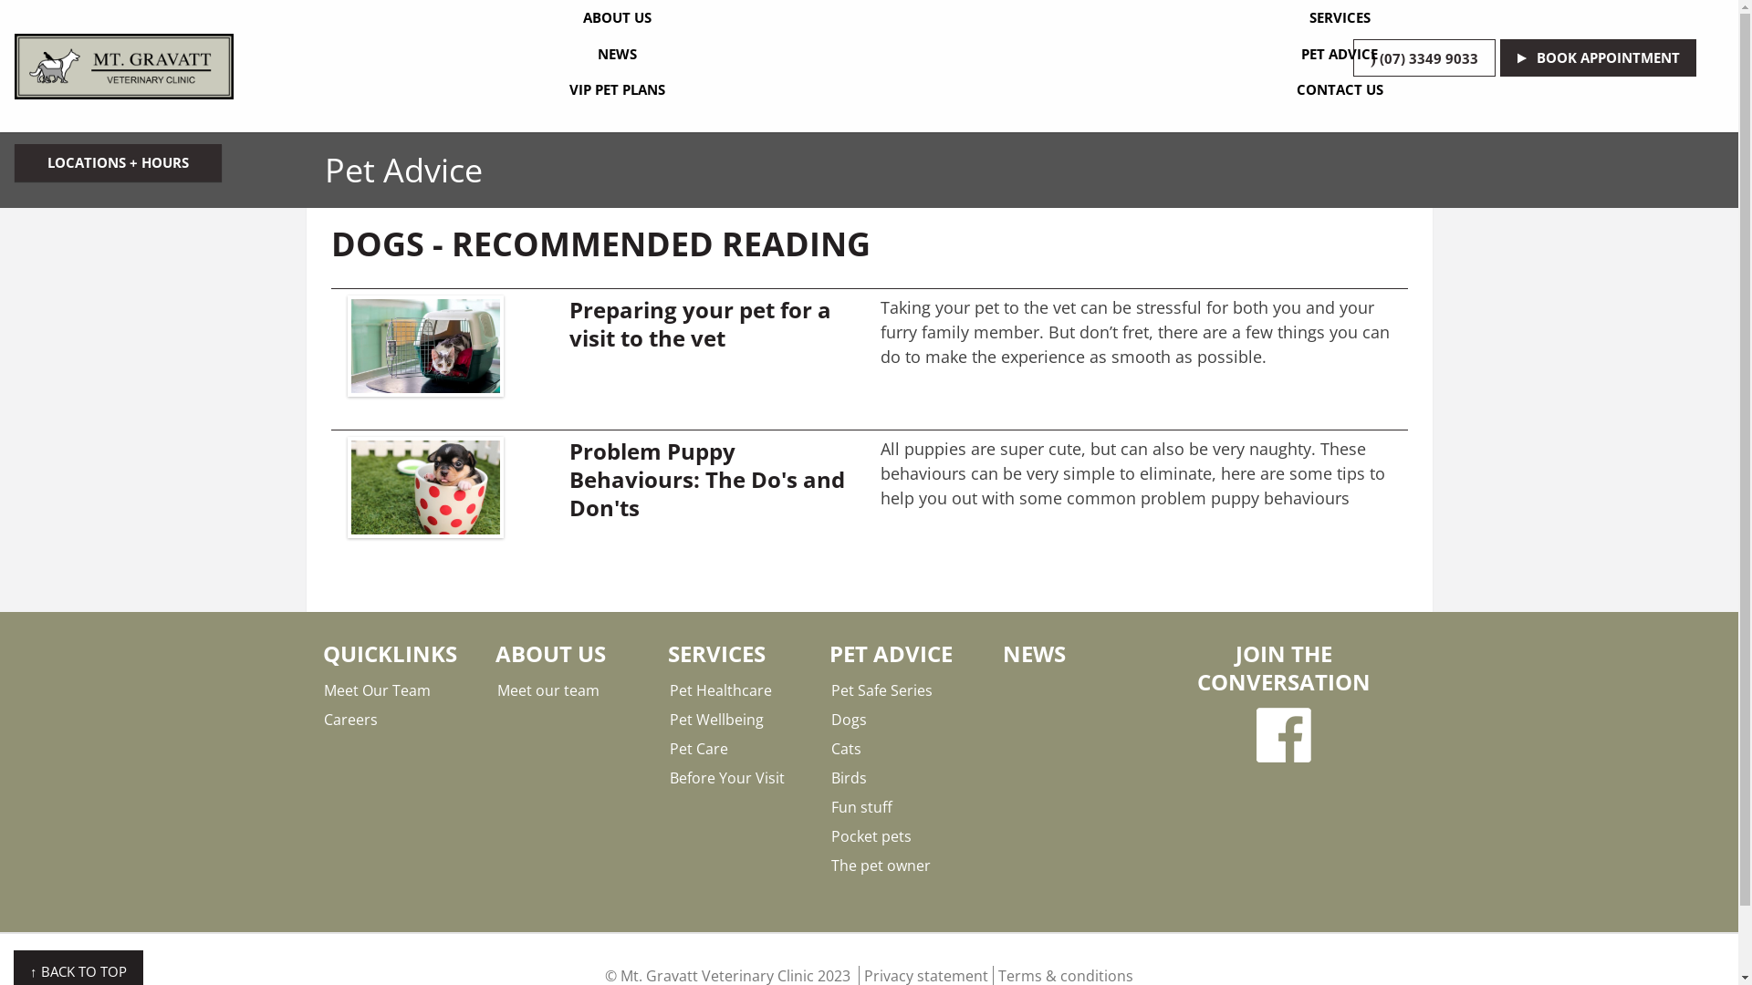  Describe the element at coordinates (324, 719) in the screenshot. I see `'Careers'` at that location.